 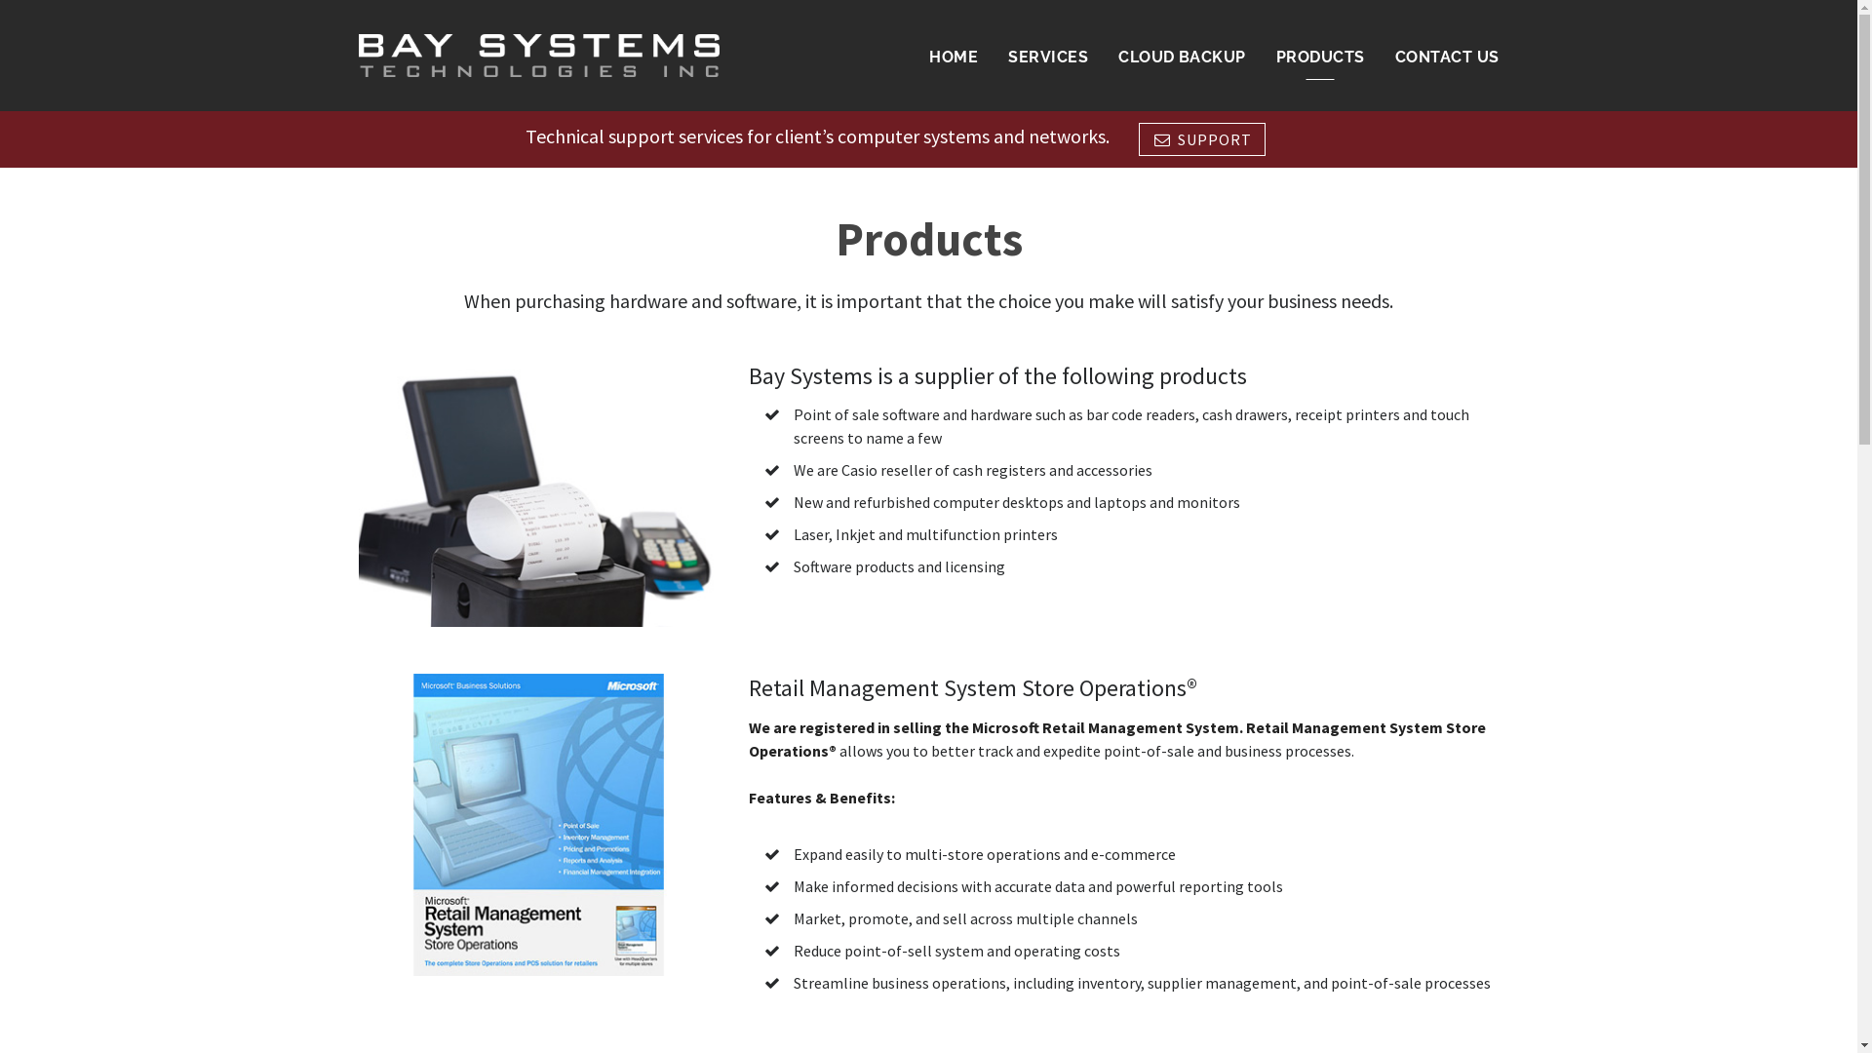 What do you see at coordinates (1201, 137) in the screenshot?
I see `'SUPPORT'` at bounding box center [1201, 137].